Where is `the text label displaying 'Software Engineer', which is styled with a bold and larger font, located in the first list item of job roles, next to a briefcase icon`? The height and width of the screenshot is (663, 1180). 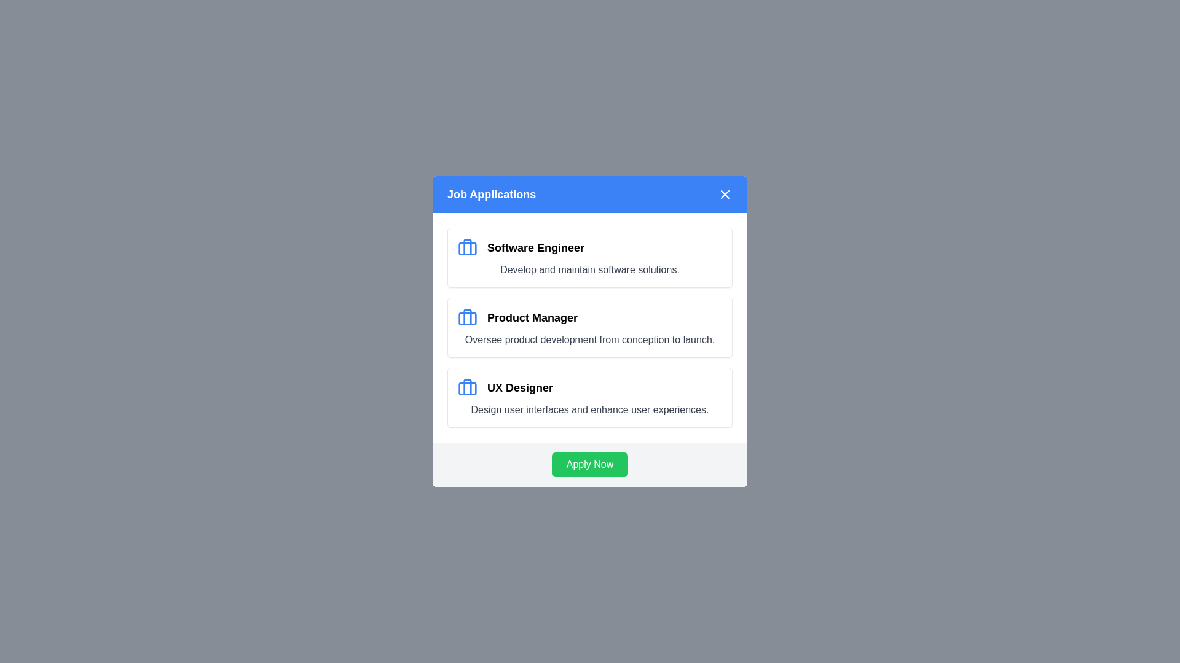 the text label displaying 'Software Engineer', which is styled with a bold and larger font, located in the first list item of job roles, next to a briefcase icon is located at coordinates (536, 248).